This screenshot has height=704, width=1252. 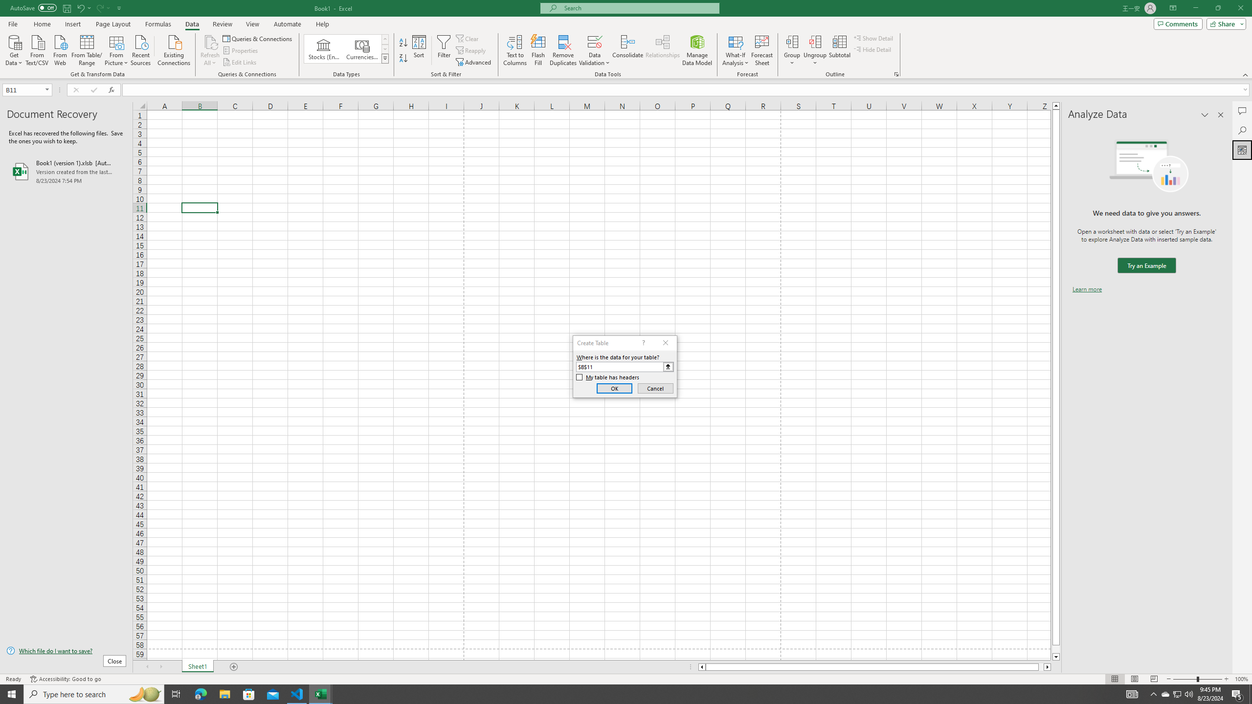 What do you see at coordinates (251, 24) in the screenshot?
I see `'View'` at bounding box center [251, 24].